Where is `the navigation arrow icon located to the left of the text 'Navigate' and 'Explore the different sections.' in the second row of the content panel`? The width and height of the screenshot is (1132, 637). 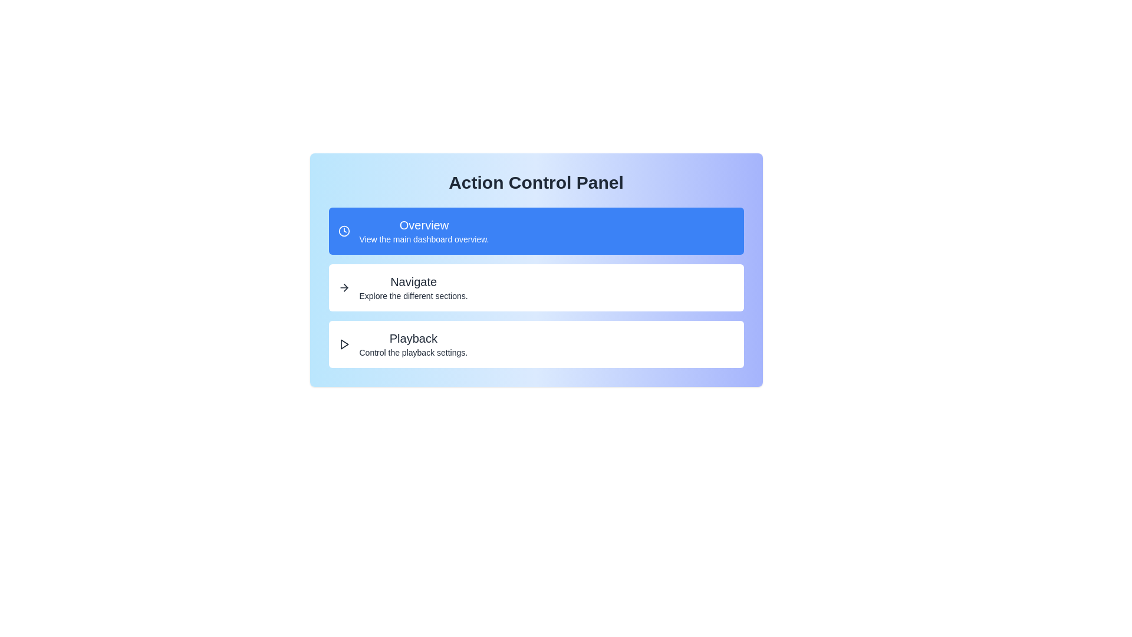 the navigation arrow icon located to the left of the text 'Navigate' and 'Explore the different sections.' in the second row of the content panel is located at coordinates (343, 288).